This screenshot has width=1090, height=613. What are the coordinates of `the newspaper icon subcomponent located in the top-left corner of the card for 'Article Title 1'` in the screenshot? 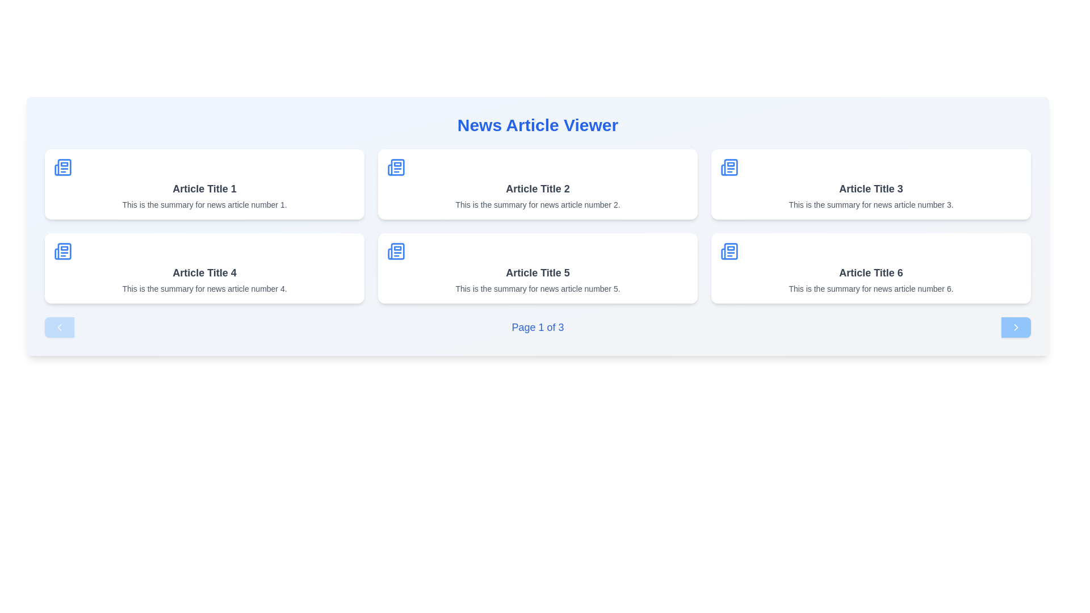 It's located at (62, 167).